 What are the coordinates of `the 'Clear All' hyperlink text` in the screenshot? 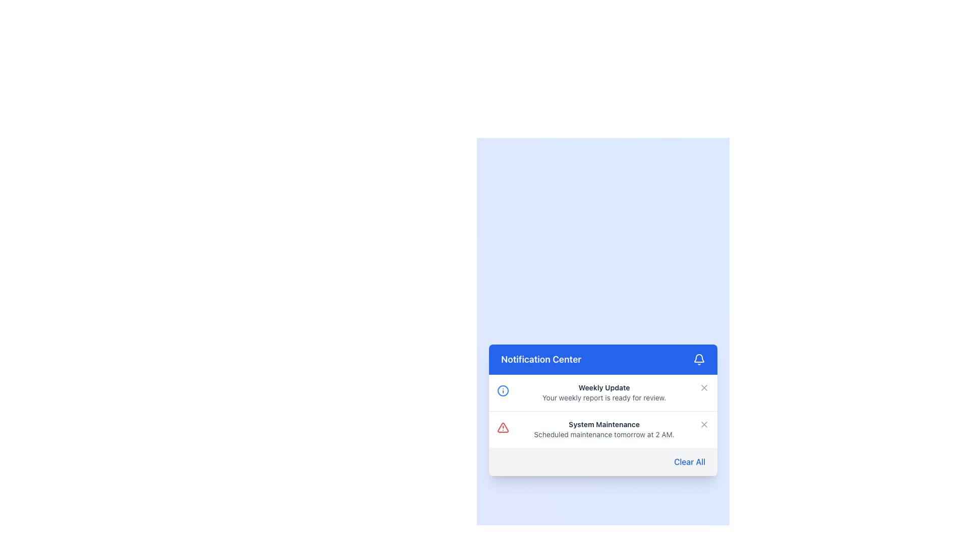 It's located at (689, 461).